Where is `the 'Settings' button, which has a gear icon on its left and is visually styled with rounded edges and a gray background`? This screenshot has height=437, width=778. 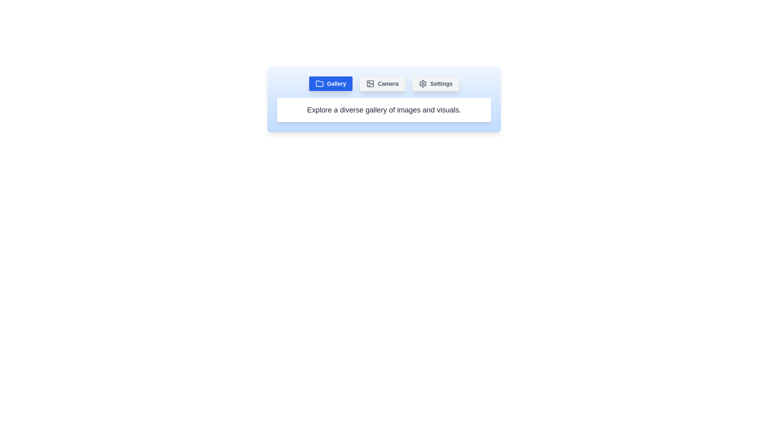 the 'Settings' button, which has a gear icon on its left and is visually styled with rounded edges and a gray background is located at coordinates (435, 84).